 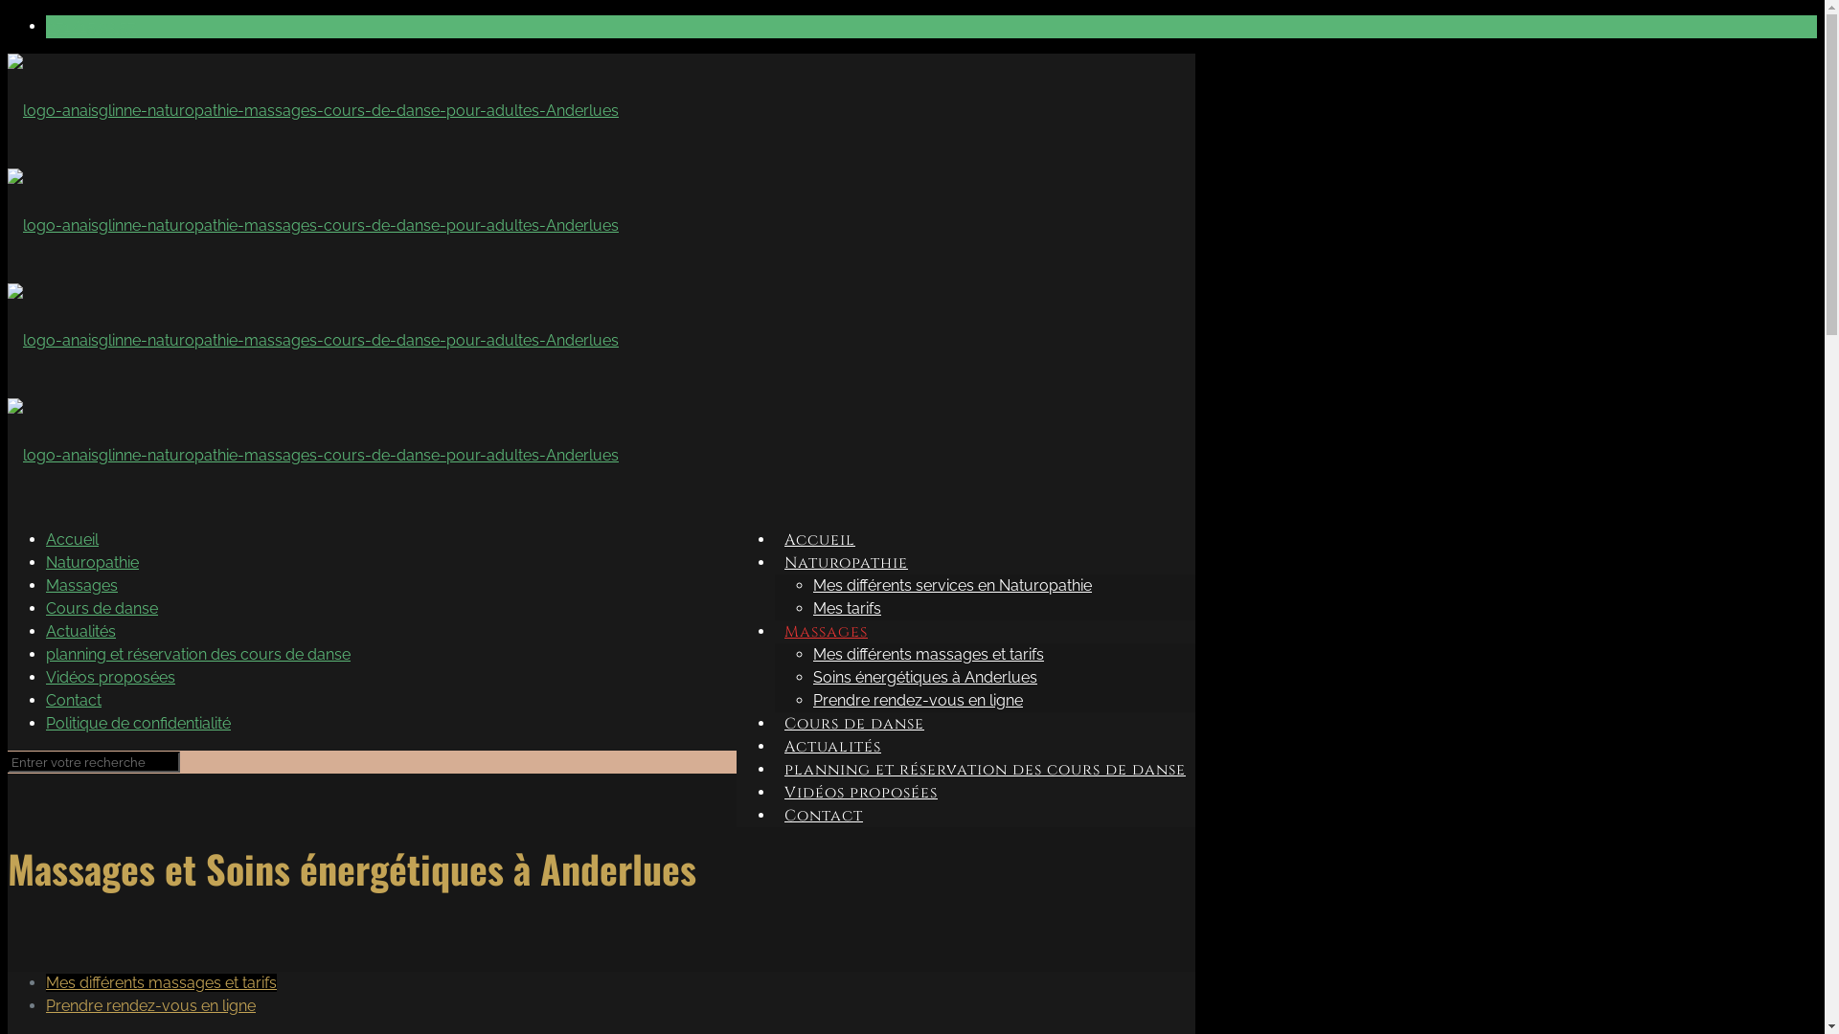 I want to click on 'Contact', so click(x=775, y=816).